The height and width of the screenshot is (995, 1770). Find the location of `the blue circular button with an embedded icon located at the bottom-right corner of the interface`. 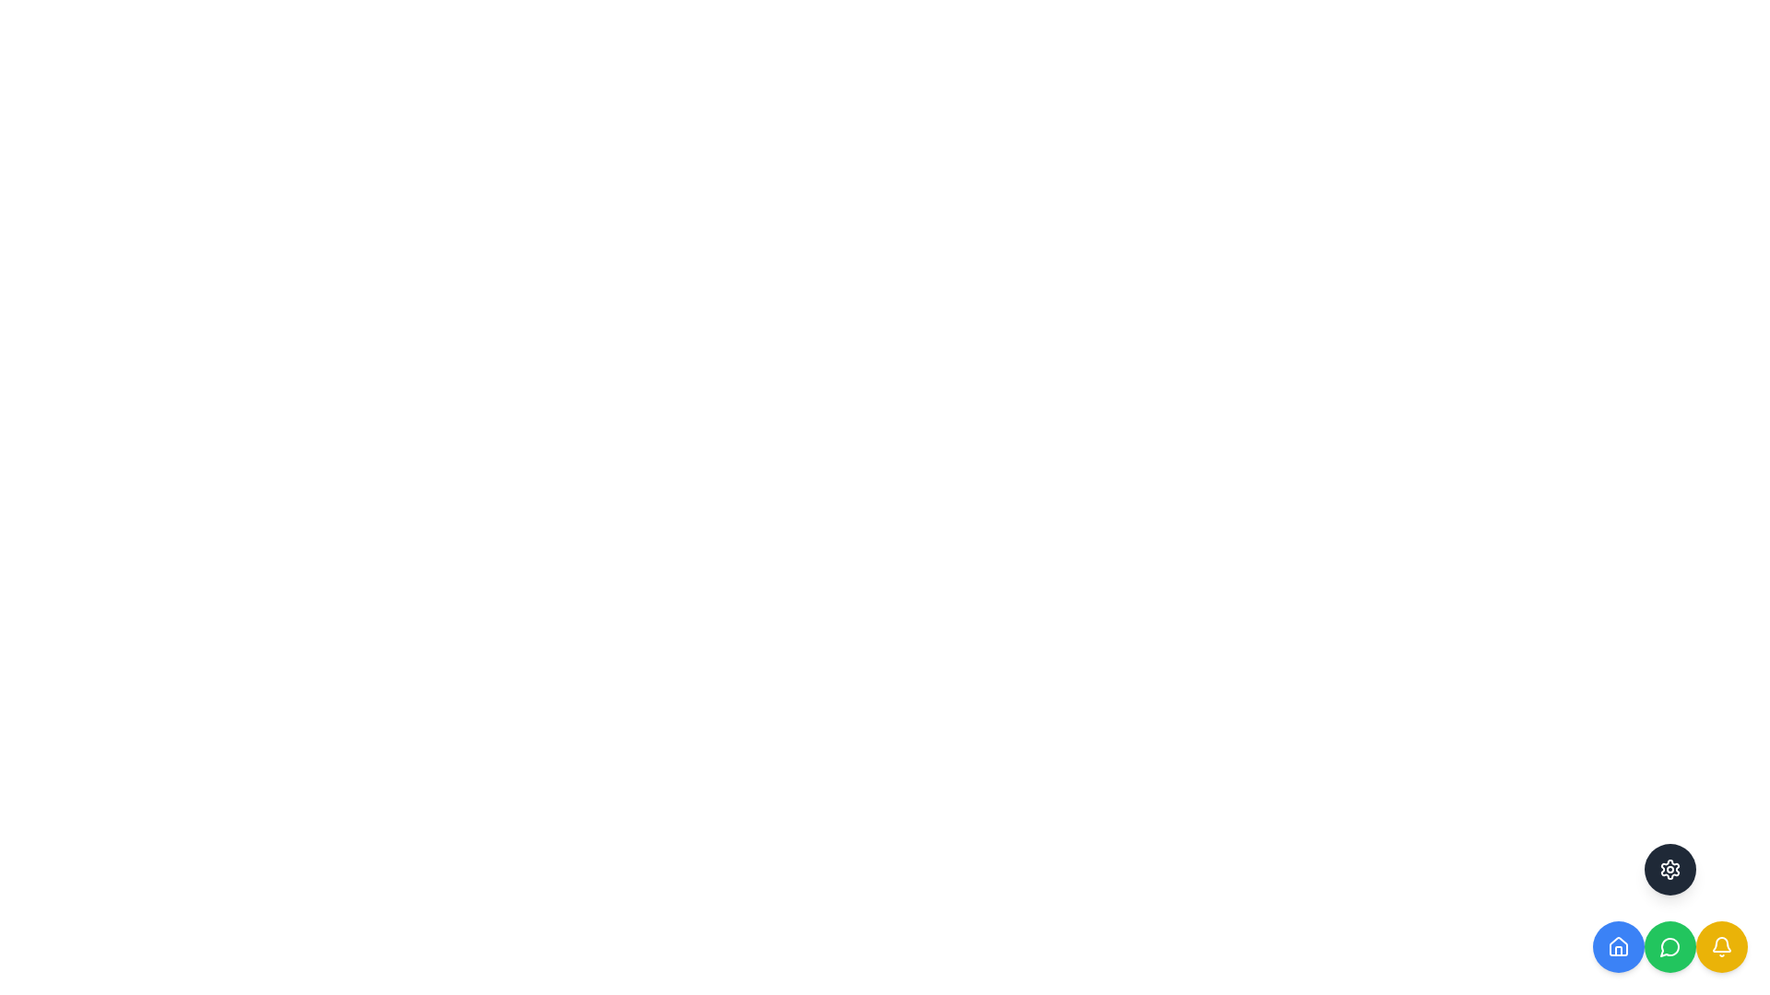

the blue circular button with an embedded icon located at the bottom-right corner of the interface is located at coordinates (1618, 947).